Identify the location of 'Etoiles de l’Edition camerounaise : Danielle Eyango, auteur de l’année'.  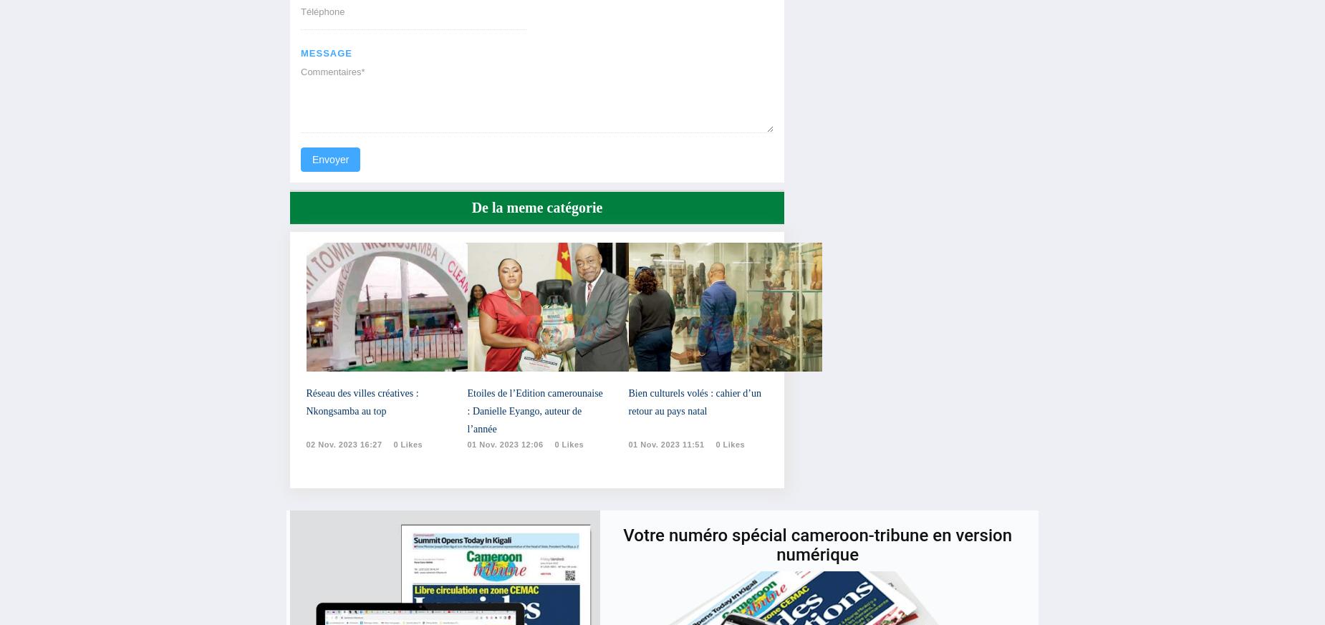
(534, 410).